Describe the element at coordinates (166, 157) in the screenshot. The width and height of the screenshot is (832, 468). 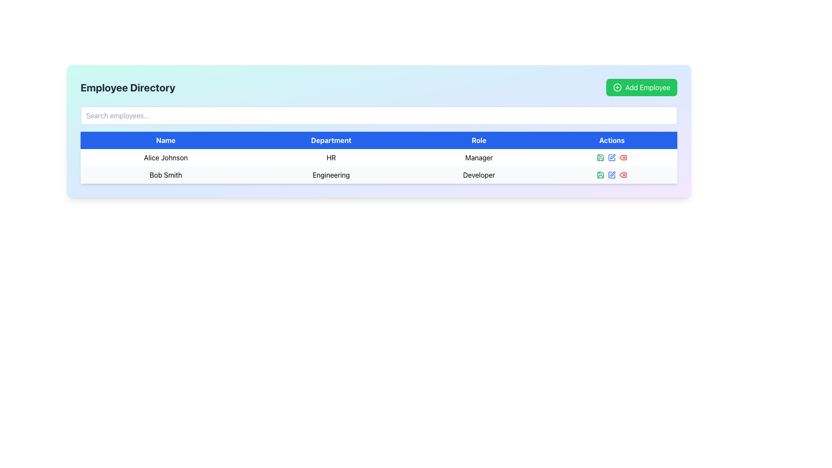
I see `the employee name text label located in the first row under the 'Name' column of the table, which contains the information for the employee in the HR department with the role of Manager` at that location.